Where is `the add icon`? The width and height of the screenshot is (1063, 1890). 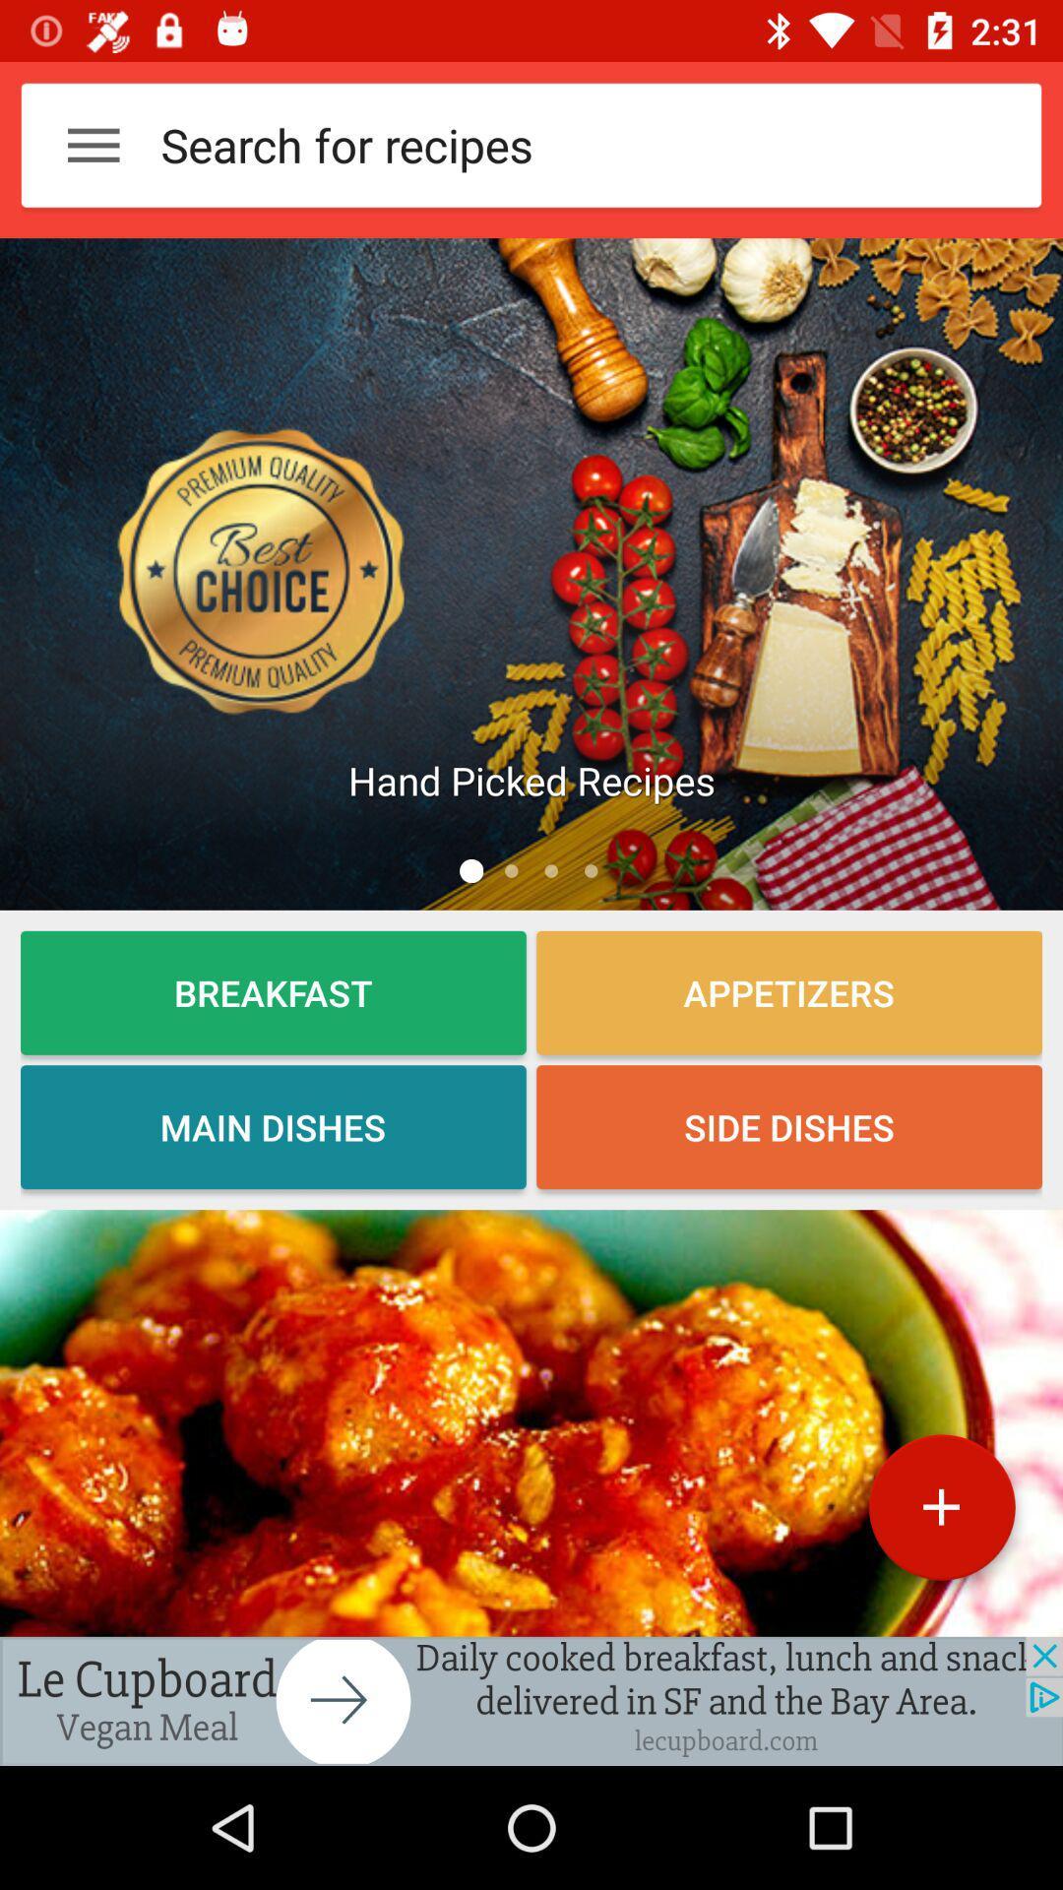 the add icon is located at coordinates (940, 1514).